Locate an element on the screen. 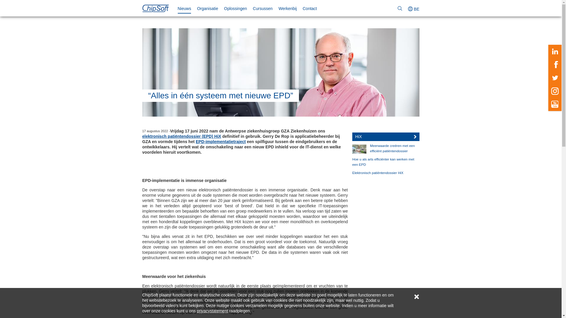 This screenshot has height=318, width=566. 'Youtube' is located at coordinates (548, 104).